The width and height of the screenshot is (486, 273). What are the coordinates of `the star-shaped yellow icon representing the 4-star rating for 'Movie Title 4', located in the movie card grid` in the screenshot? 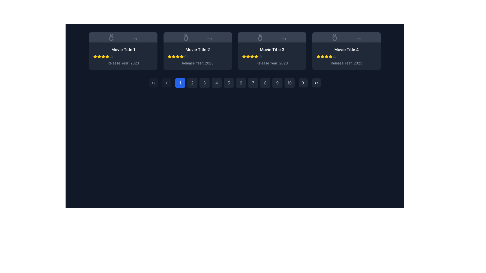 It's located at (318, 56).